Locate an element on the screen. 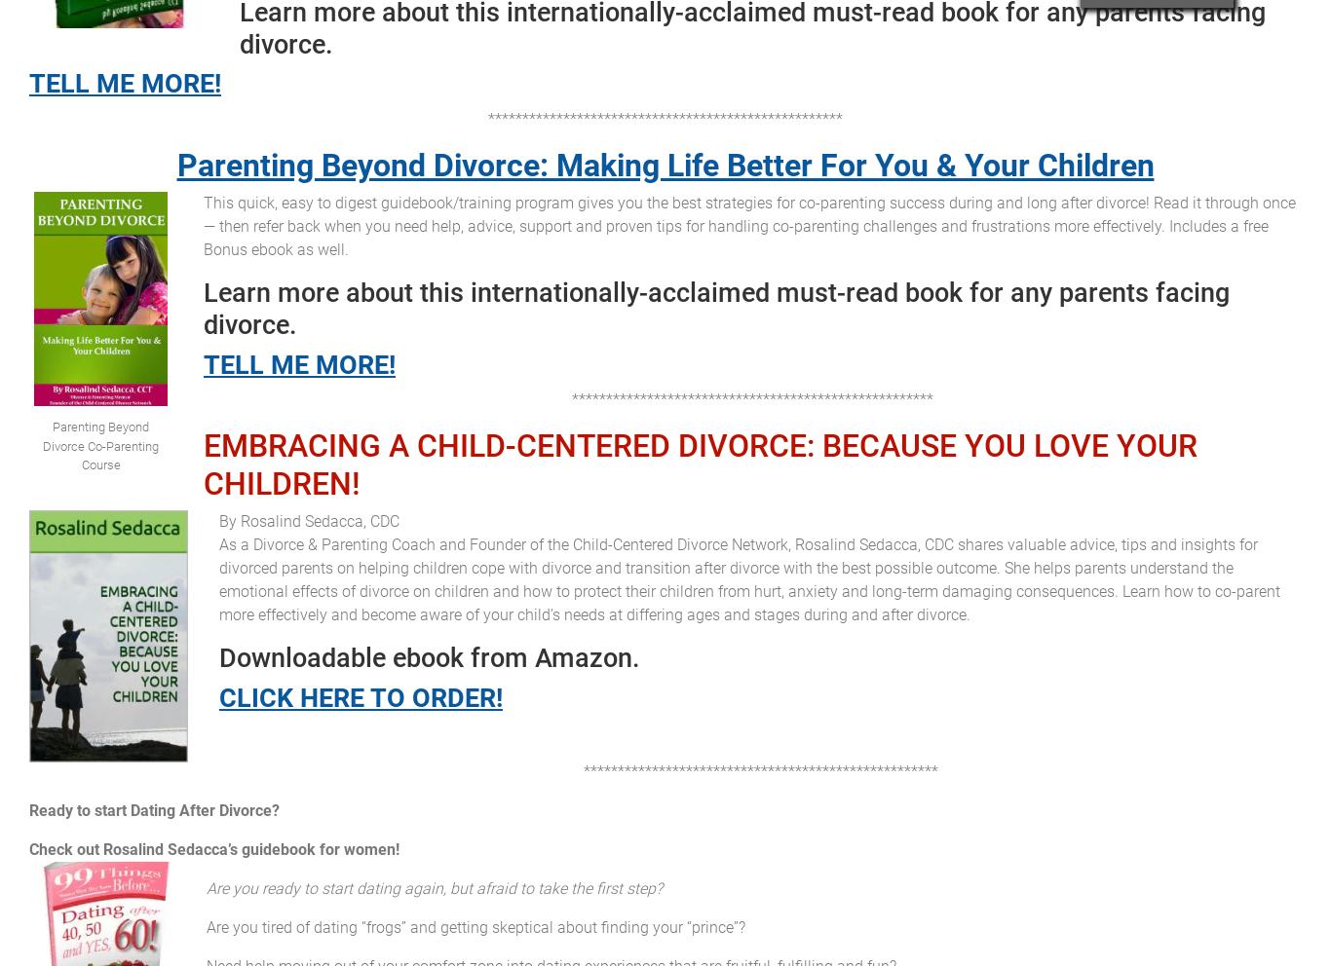 This screenshot has width=1331, height=966. 'CLICK HERE TO ORDER!' is located at coordinates (217, 697).